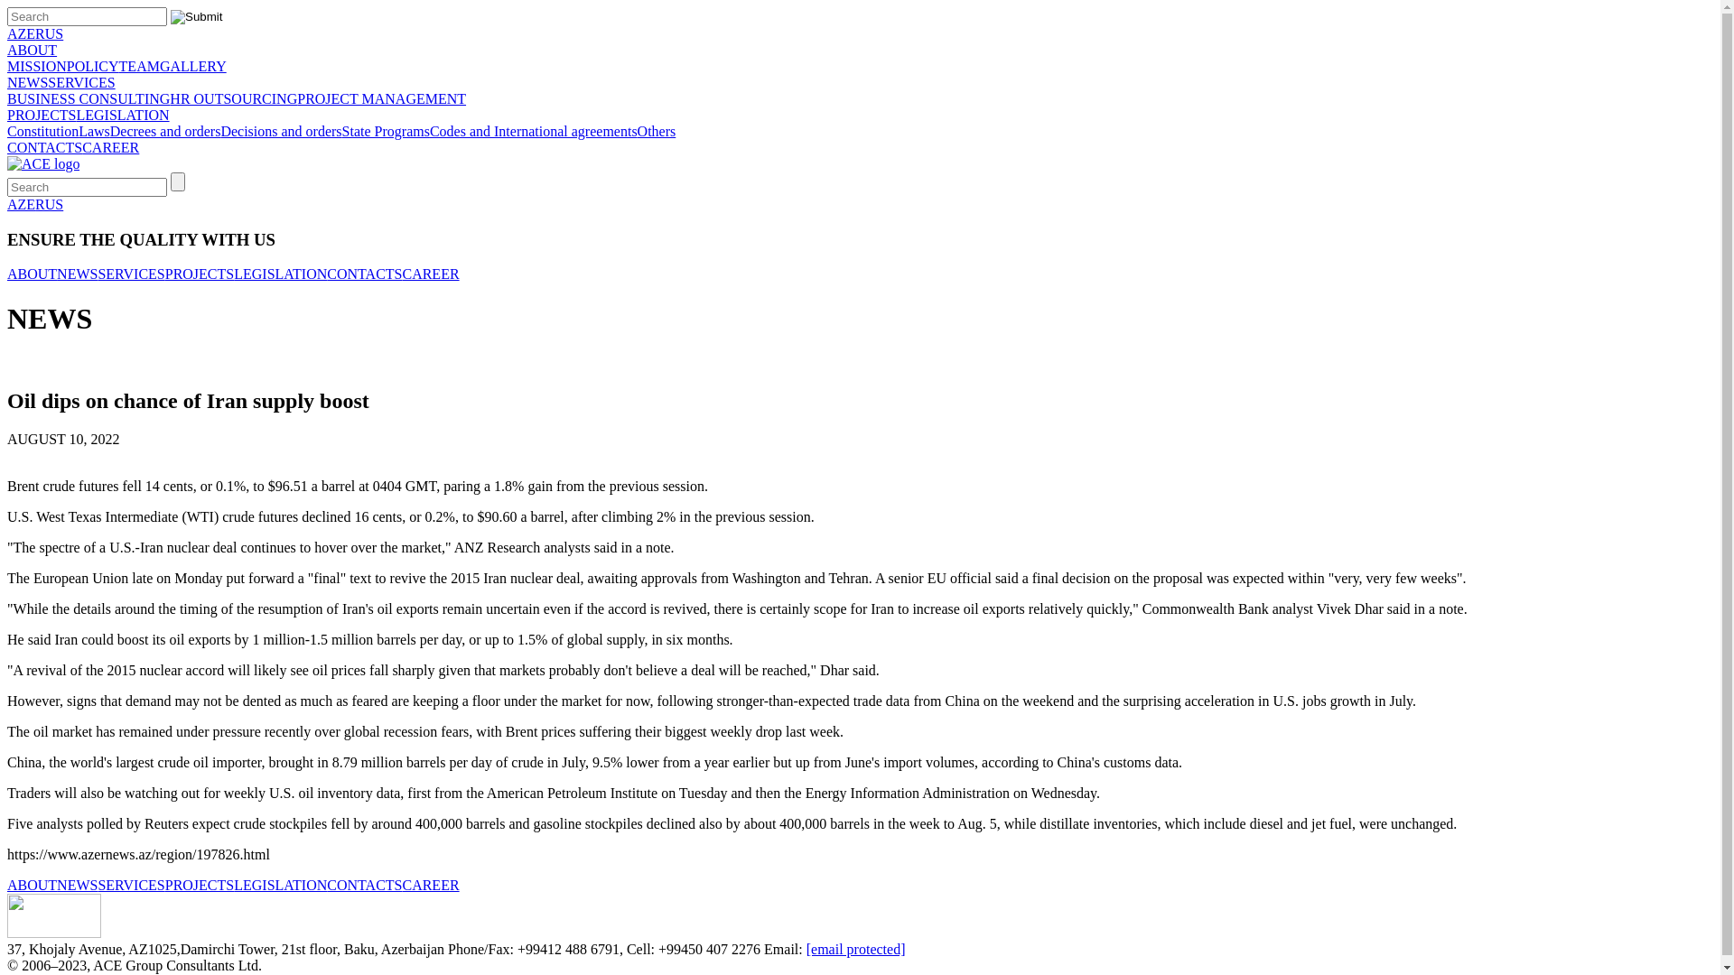 The width and height of the screenshot is (1734, 975). What do you see at coordinates (37, 65) in the screenshot?
I see `'MISSION'` at bounding box center [37, 65].